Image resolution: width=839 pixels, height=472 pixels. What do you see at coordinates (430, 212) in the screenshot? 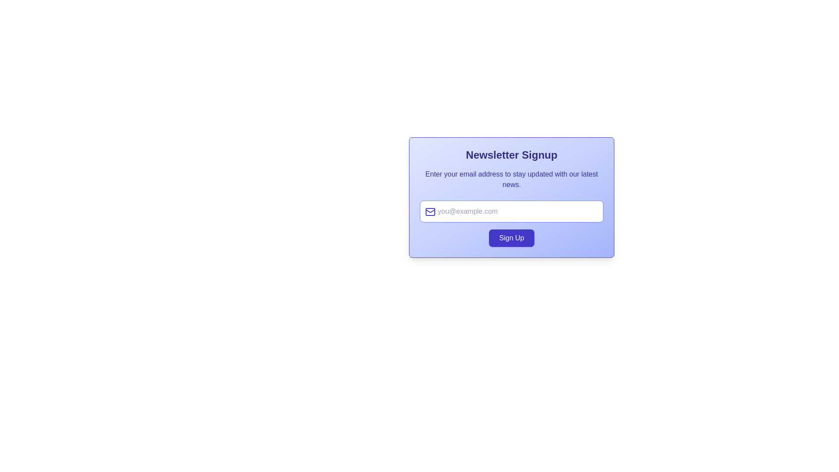
I see `the email input field icon represented in SVG format, located on the left side of the email input field` at bounding box center [430, 212].